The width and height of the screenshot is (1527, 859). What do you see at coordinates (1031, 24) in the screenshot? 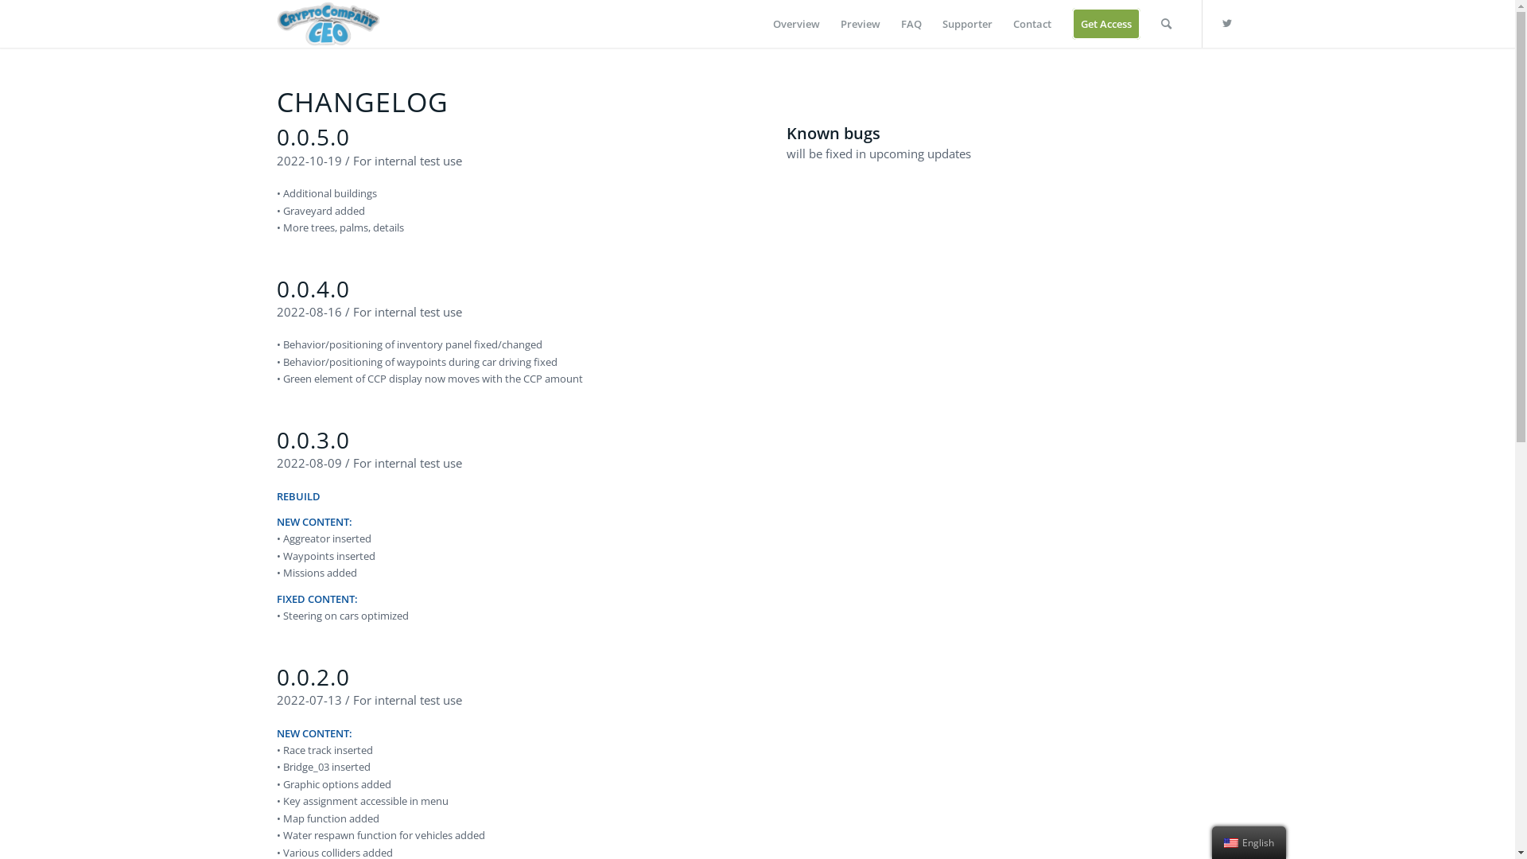
I see `'Contact'` at bounding box center [1031, 24].